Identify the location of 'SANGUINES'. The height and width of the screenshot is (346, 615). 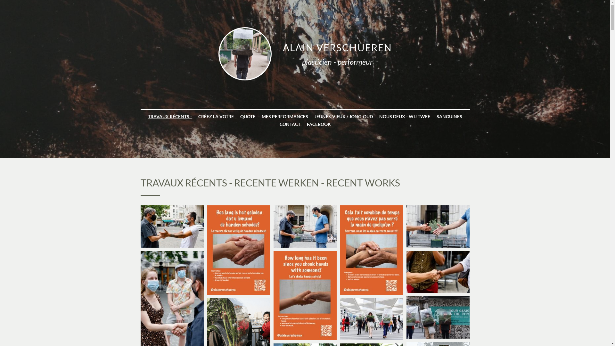
(449, 116).